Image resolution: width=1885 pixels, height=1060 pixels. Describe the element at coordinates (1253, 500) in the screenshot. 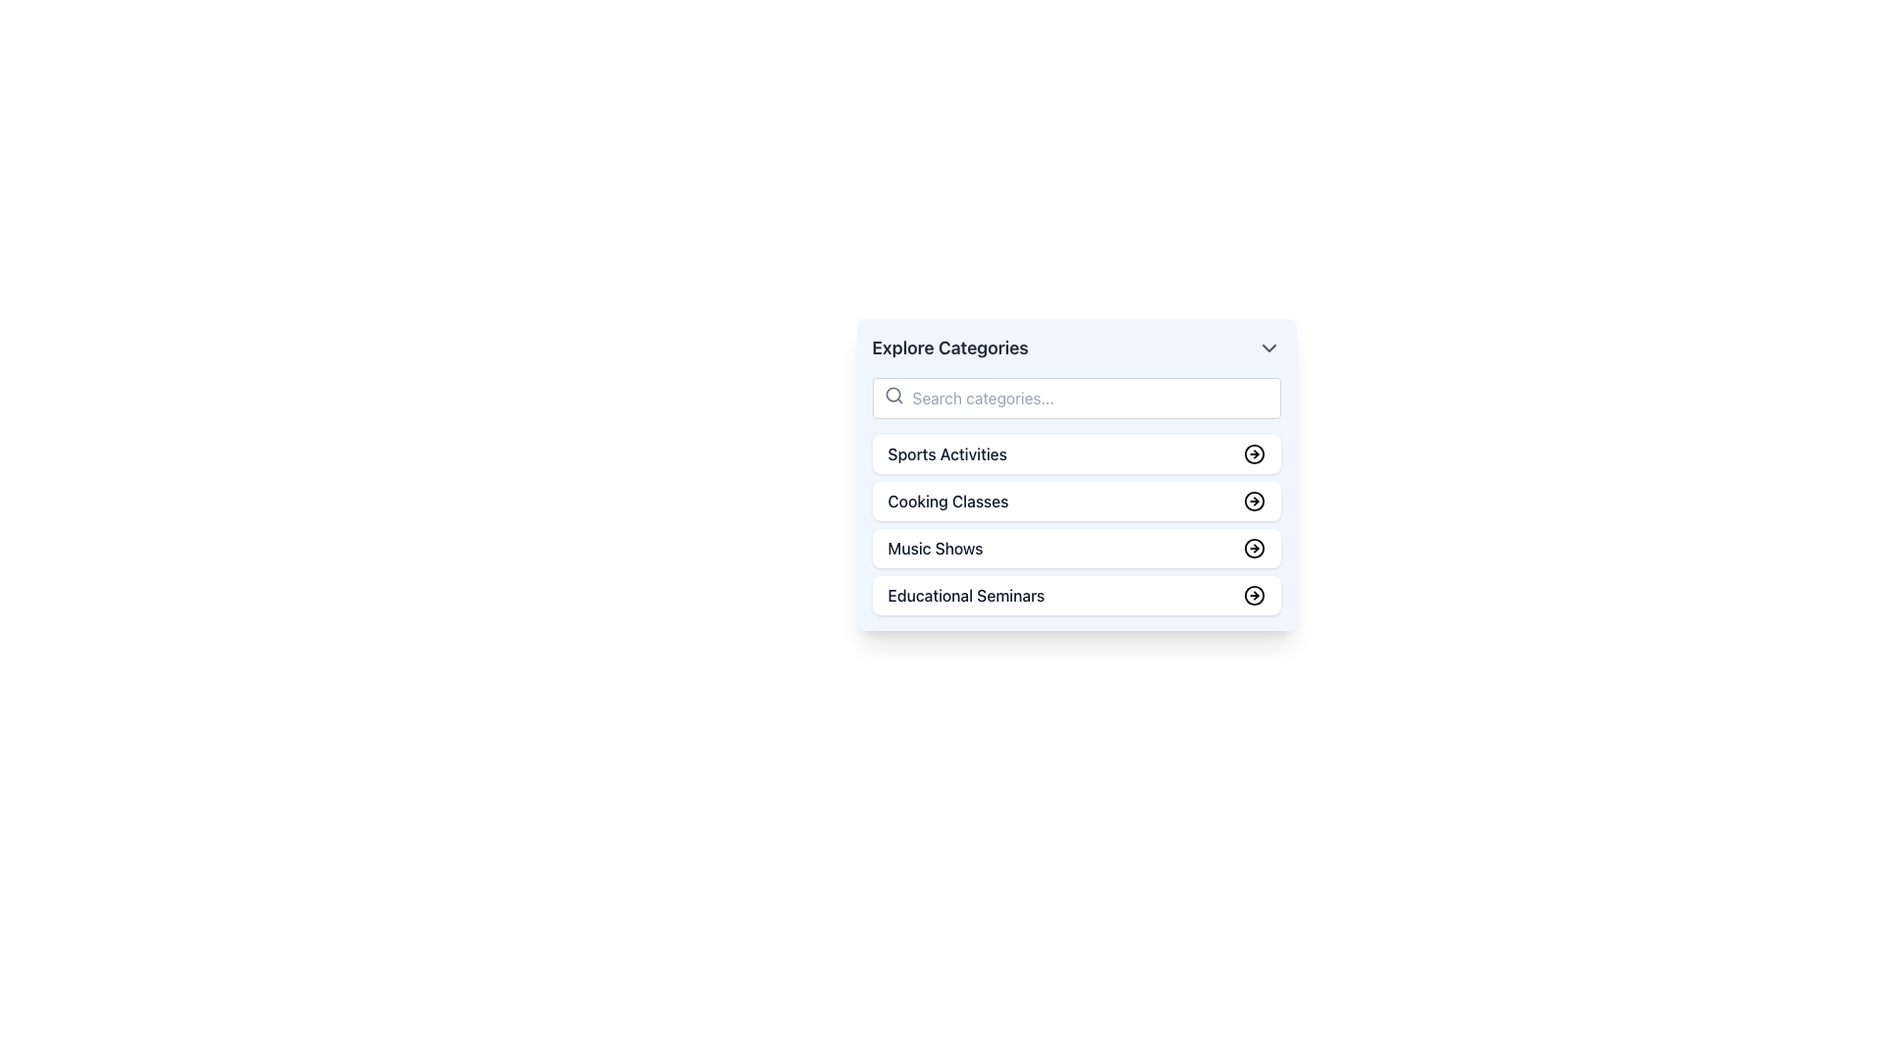

I see `the right-pointing circular arrow icon with a light blue stroke, located next to the 'Cooking Classes' text` at that location.